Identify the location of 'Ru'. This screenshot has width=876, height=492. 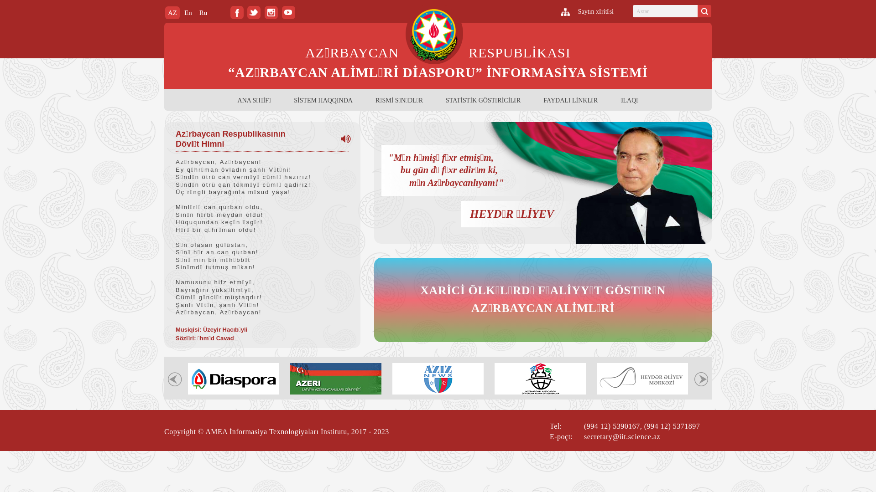
(203, 12).